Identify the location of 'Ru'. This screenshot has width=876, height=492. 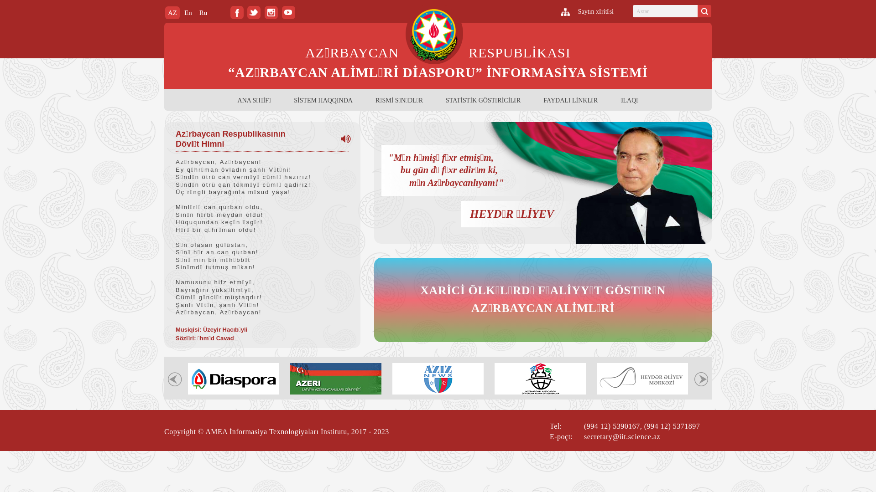
(203, 12).